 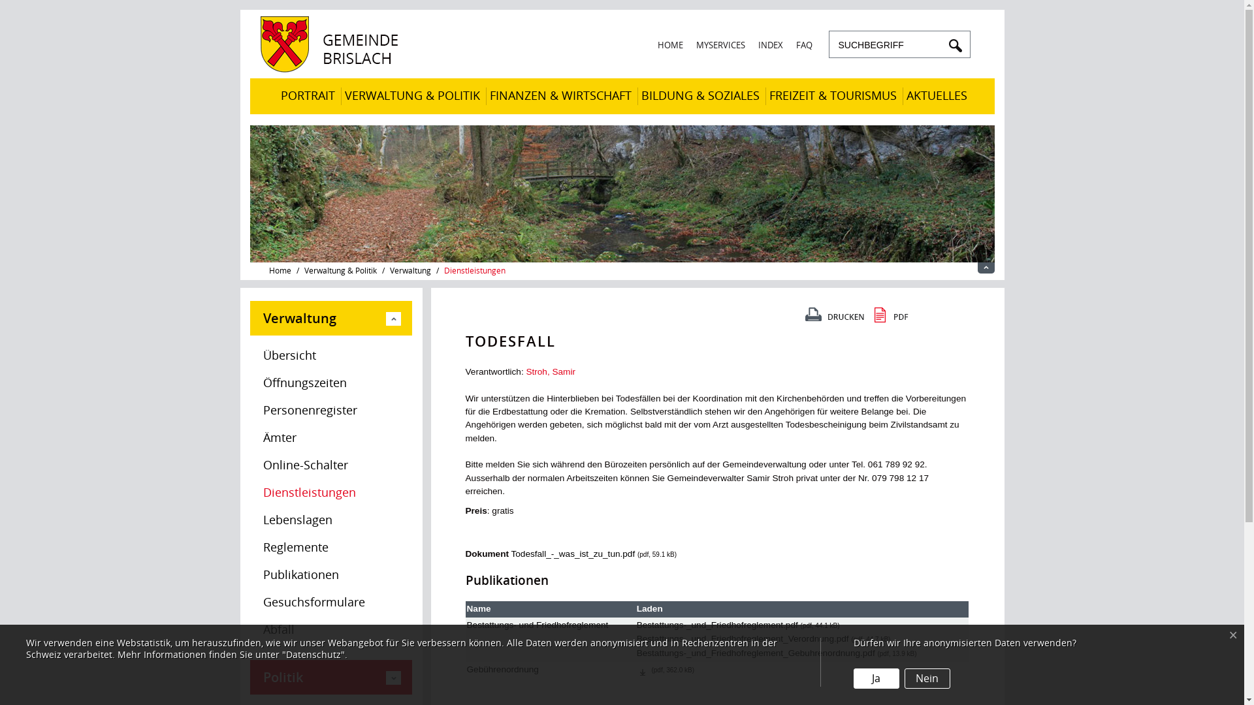 I want to click on 'Bestattungs- und Friedhofreglement', so click(x=537, y=624).